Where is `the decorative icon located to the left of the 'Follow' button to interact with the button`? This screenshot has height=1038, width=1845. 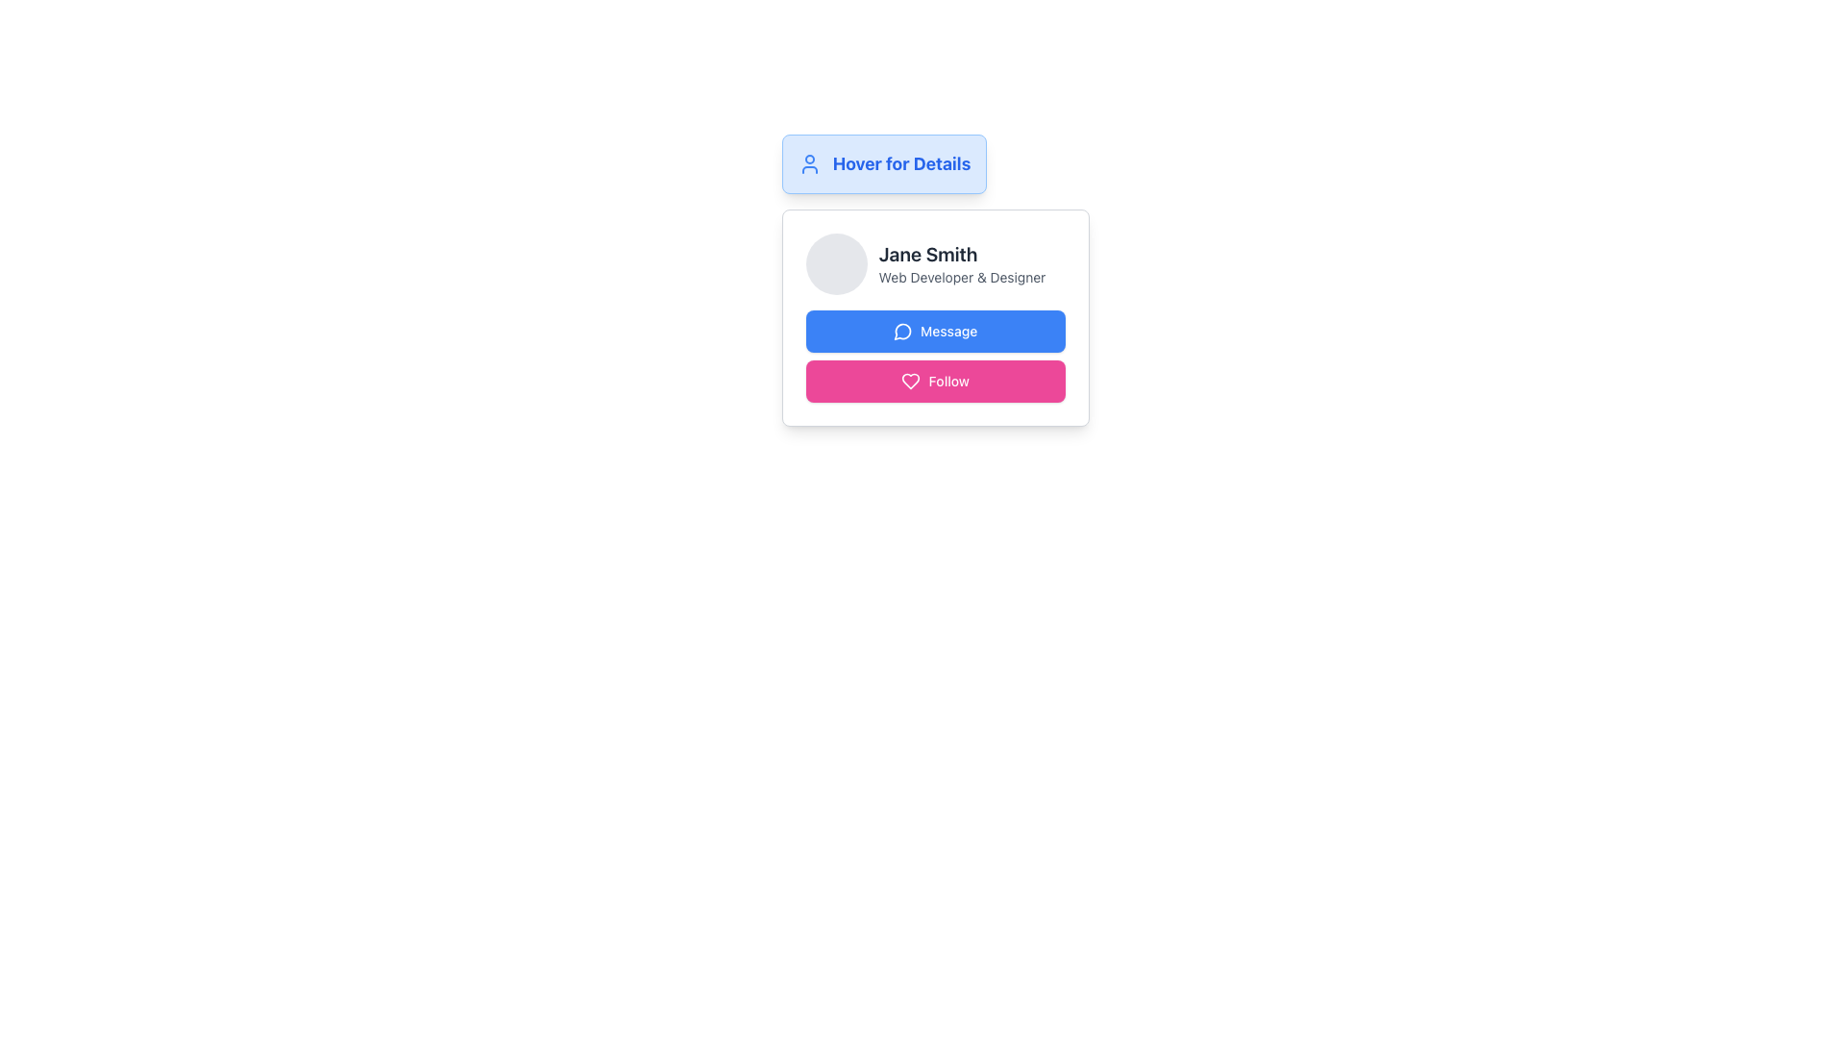
the decorative icon located to the left of the 'Follow' button to interact with the button is located at coordinates (910, 382).